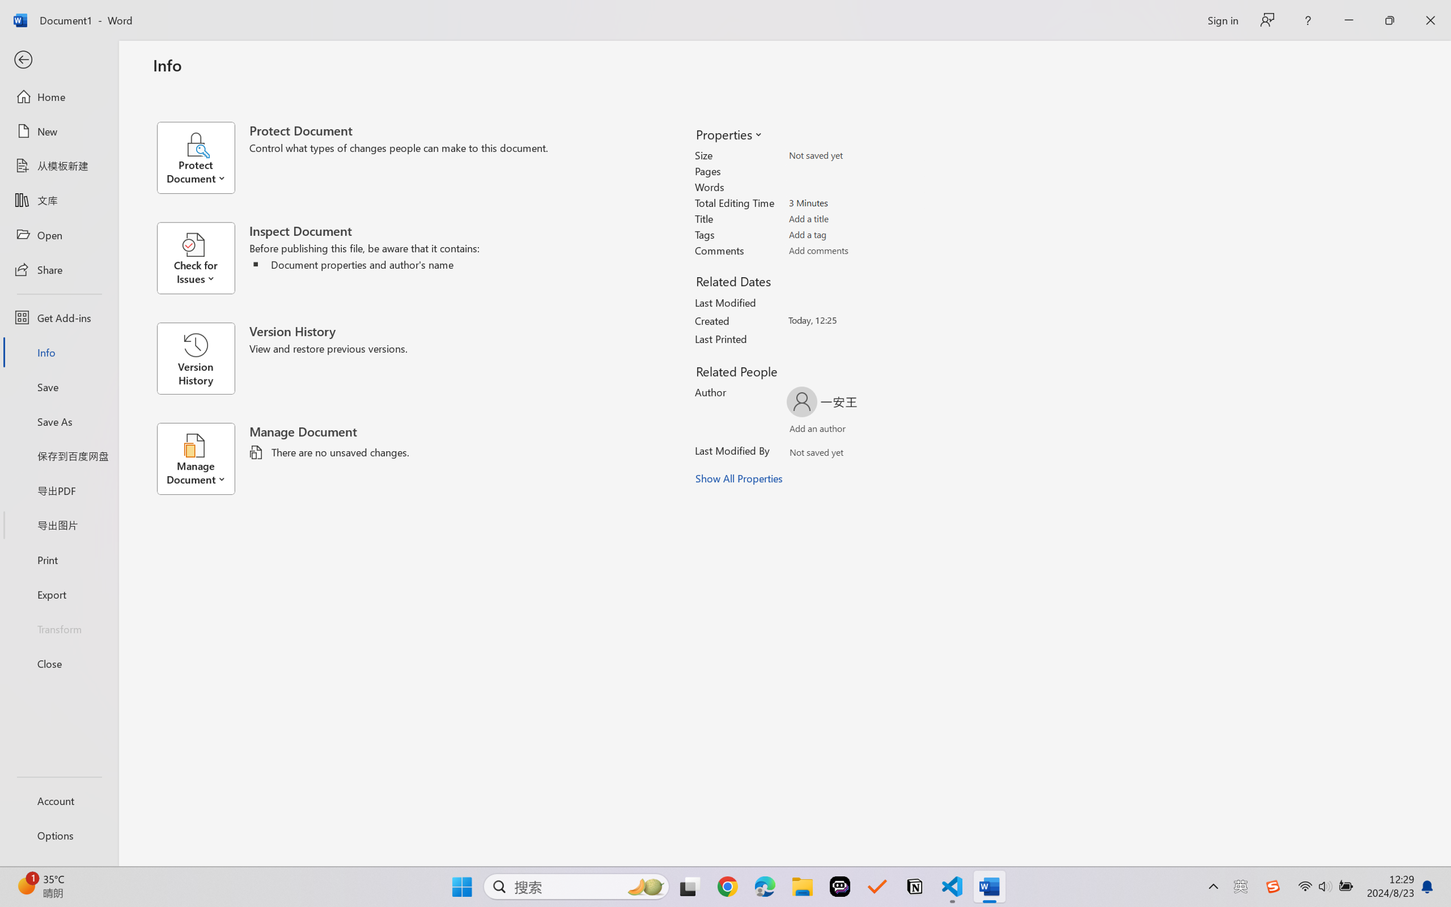  What do you see at coordinates (739, 478) in the screenshot?
I see `'Show All Properties'` at bounding box center [739, 478].